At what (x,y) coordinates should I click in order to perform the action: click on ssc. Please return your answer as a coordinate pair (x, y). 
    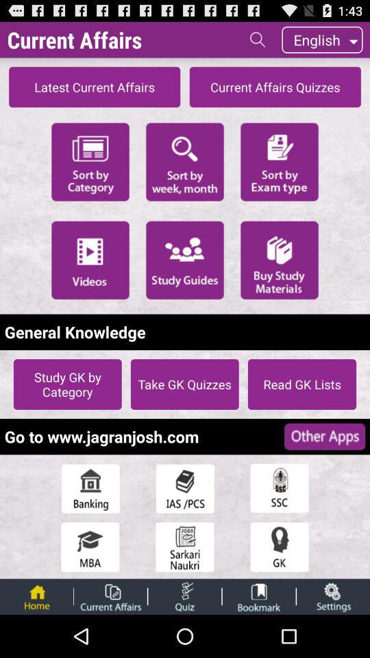
    Looking at the image, I should click on (279, 488).